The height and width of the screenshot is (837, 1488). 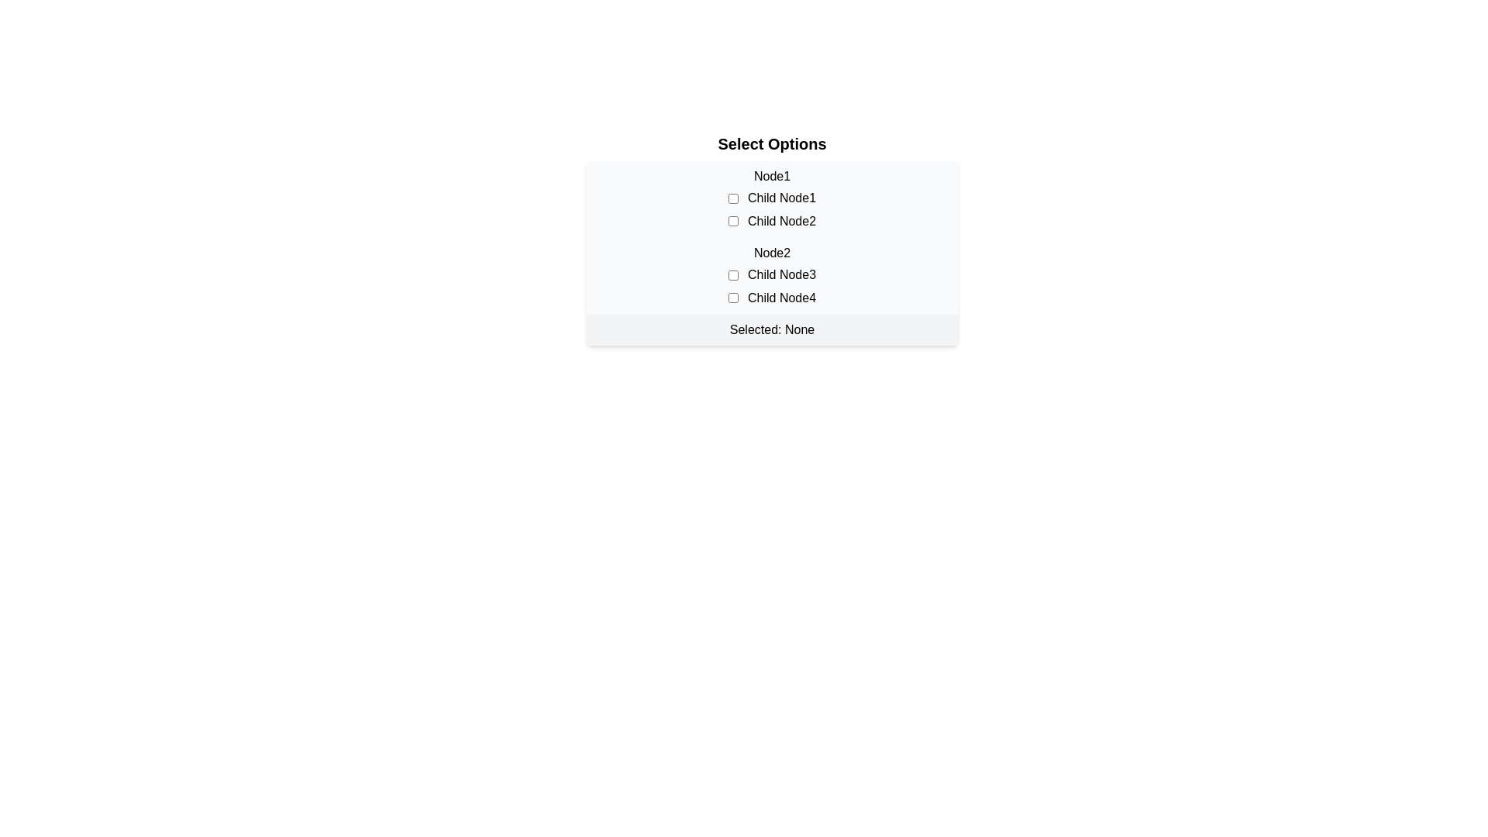 I want to click on the checkboxes in the List section labeled 'Node2', so click(x=772, y=275).